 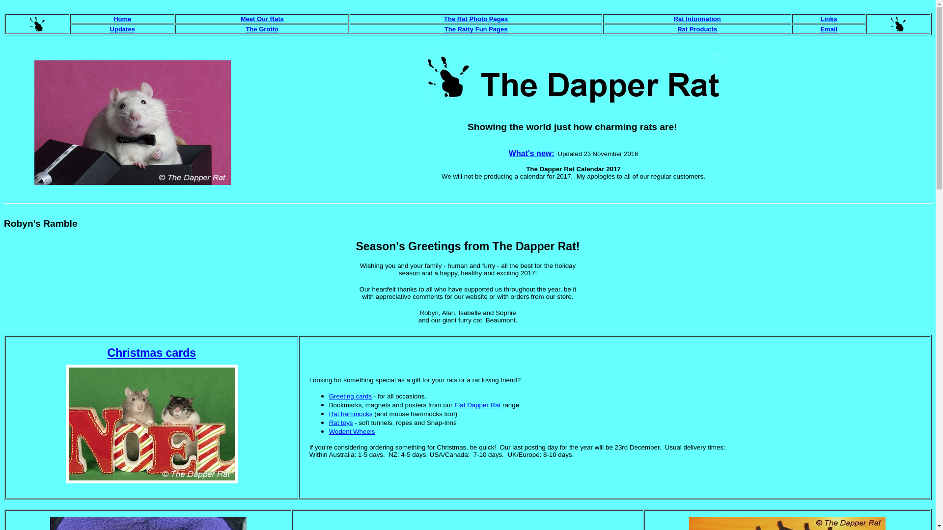 What do you see at coordinates (531, 153) in the screenshot?
I see `'What's new:'` at bounding box center [531, 153].